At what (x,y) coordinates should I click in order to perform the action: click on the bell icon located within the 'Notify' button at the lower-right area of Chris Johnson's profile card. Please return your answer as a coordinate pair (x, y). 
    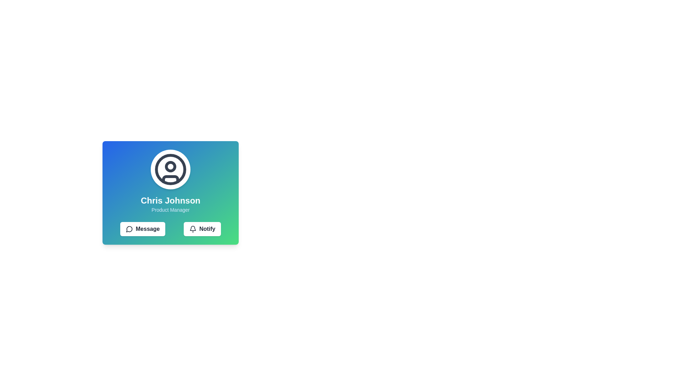
    Looking at the image, I should click on (193, 229).